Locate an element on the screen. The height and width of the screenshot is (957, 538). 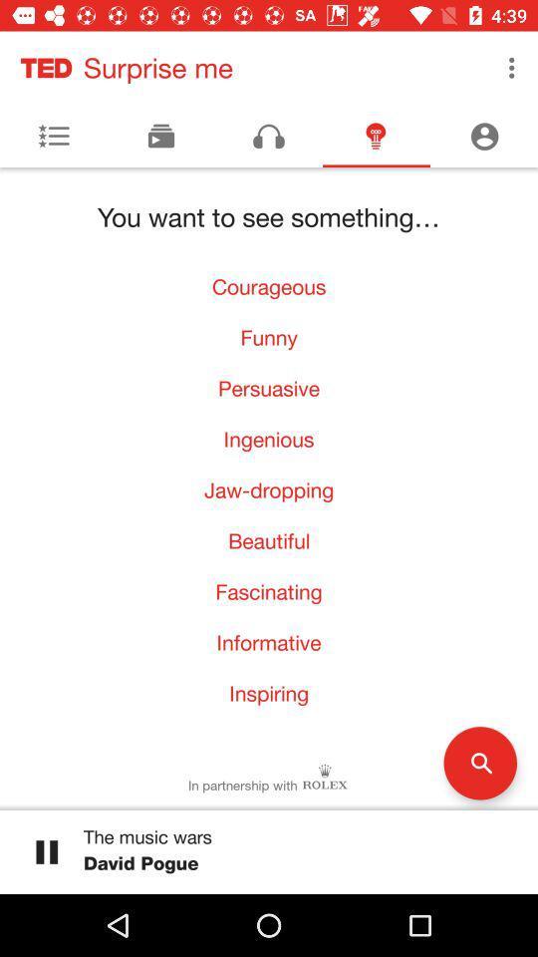
the item above beautiful item is located at coordinates (269, 488).